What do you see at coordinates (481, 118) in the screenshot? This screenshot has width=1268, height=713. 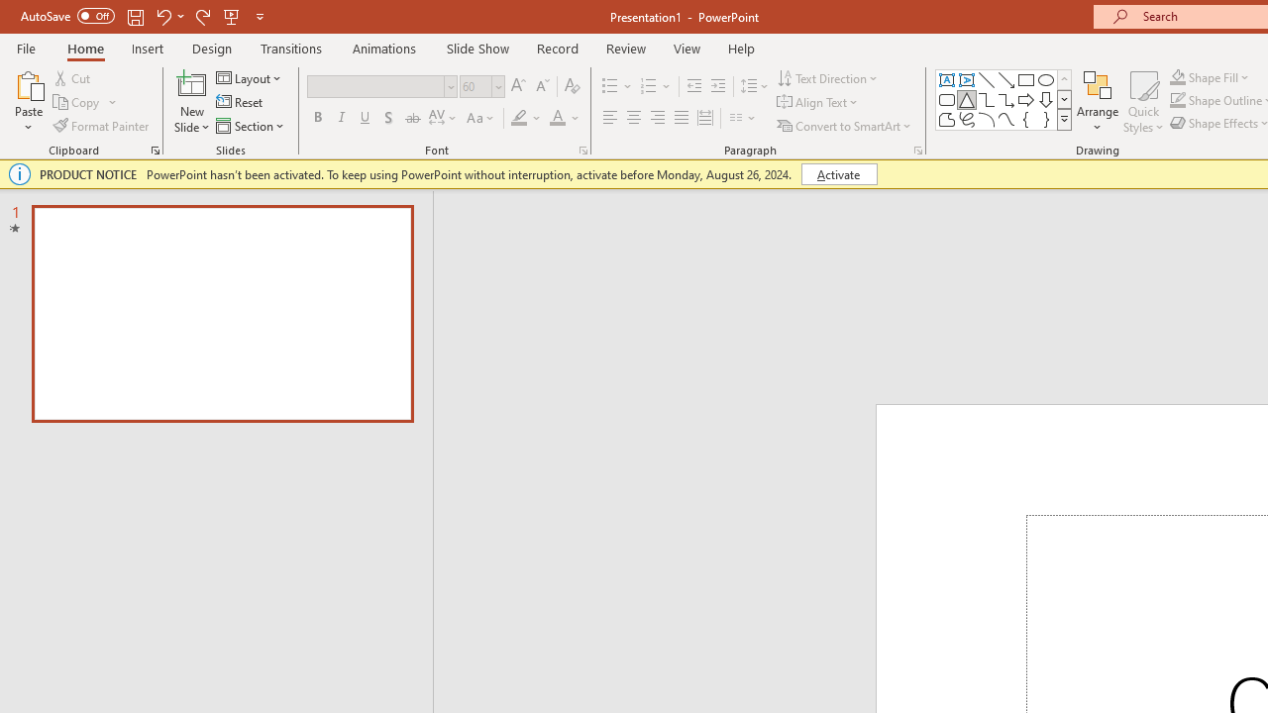 I see `'Change Case'` at bounding box center [481, 118].